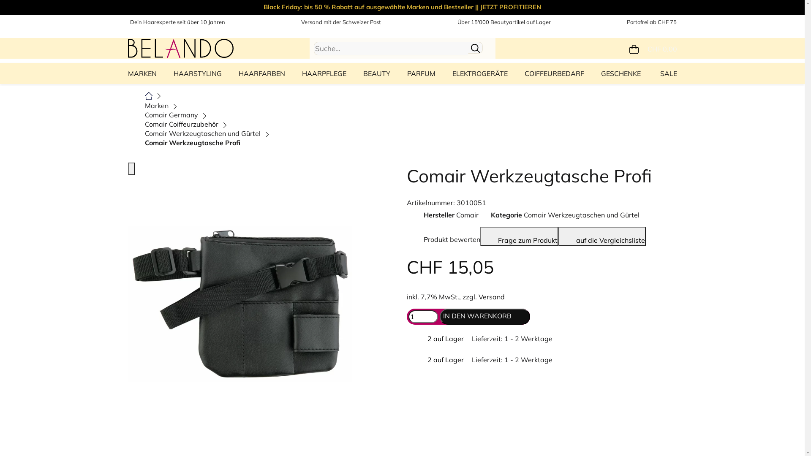  I want to click on 'Startseite', so click(148, 95).